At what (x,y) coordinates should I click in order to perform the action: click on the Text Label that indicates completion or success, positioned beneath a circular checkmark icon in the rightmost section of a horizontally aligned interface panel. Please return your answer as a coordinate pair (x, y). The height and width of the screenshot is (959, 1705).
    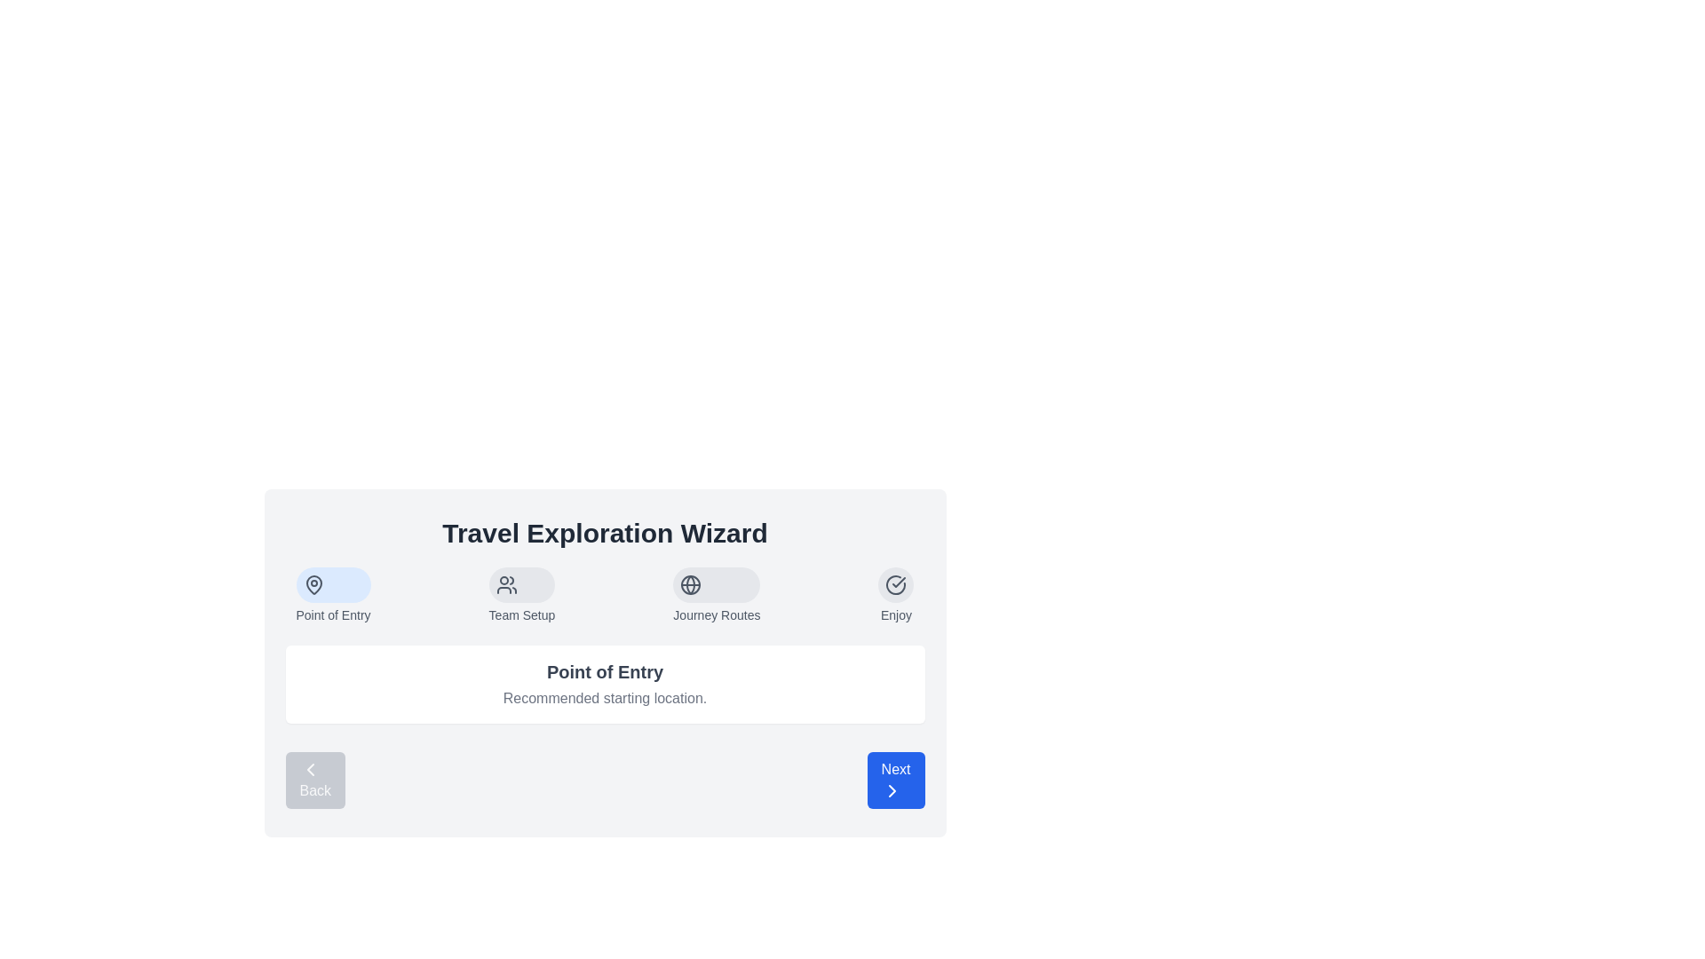
    Looking at the image, I should click on (896, 614).